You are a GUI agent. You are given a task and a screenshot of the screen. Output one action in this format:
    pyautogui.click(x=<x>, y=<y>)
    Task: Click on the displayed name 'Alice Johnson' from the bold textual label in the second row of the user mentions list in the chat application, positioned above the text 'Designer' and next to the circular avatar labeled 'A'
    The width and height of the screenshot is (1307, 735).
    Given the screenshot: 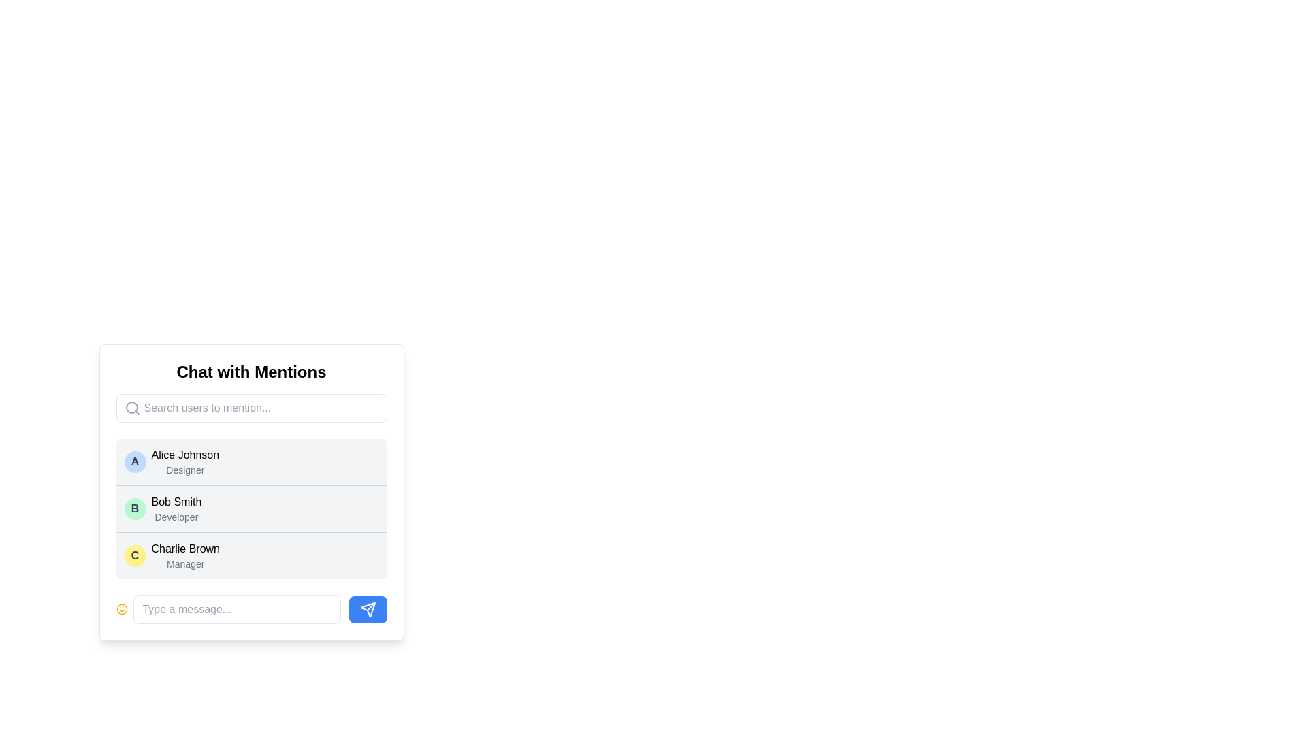 What is the action you would take?
    pyautogui.click(x=184, y=455)
    